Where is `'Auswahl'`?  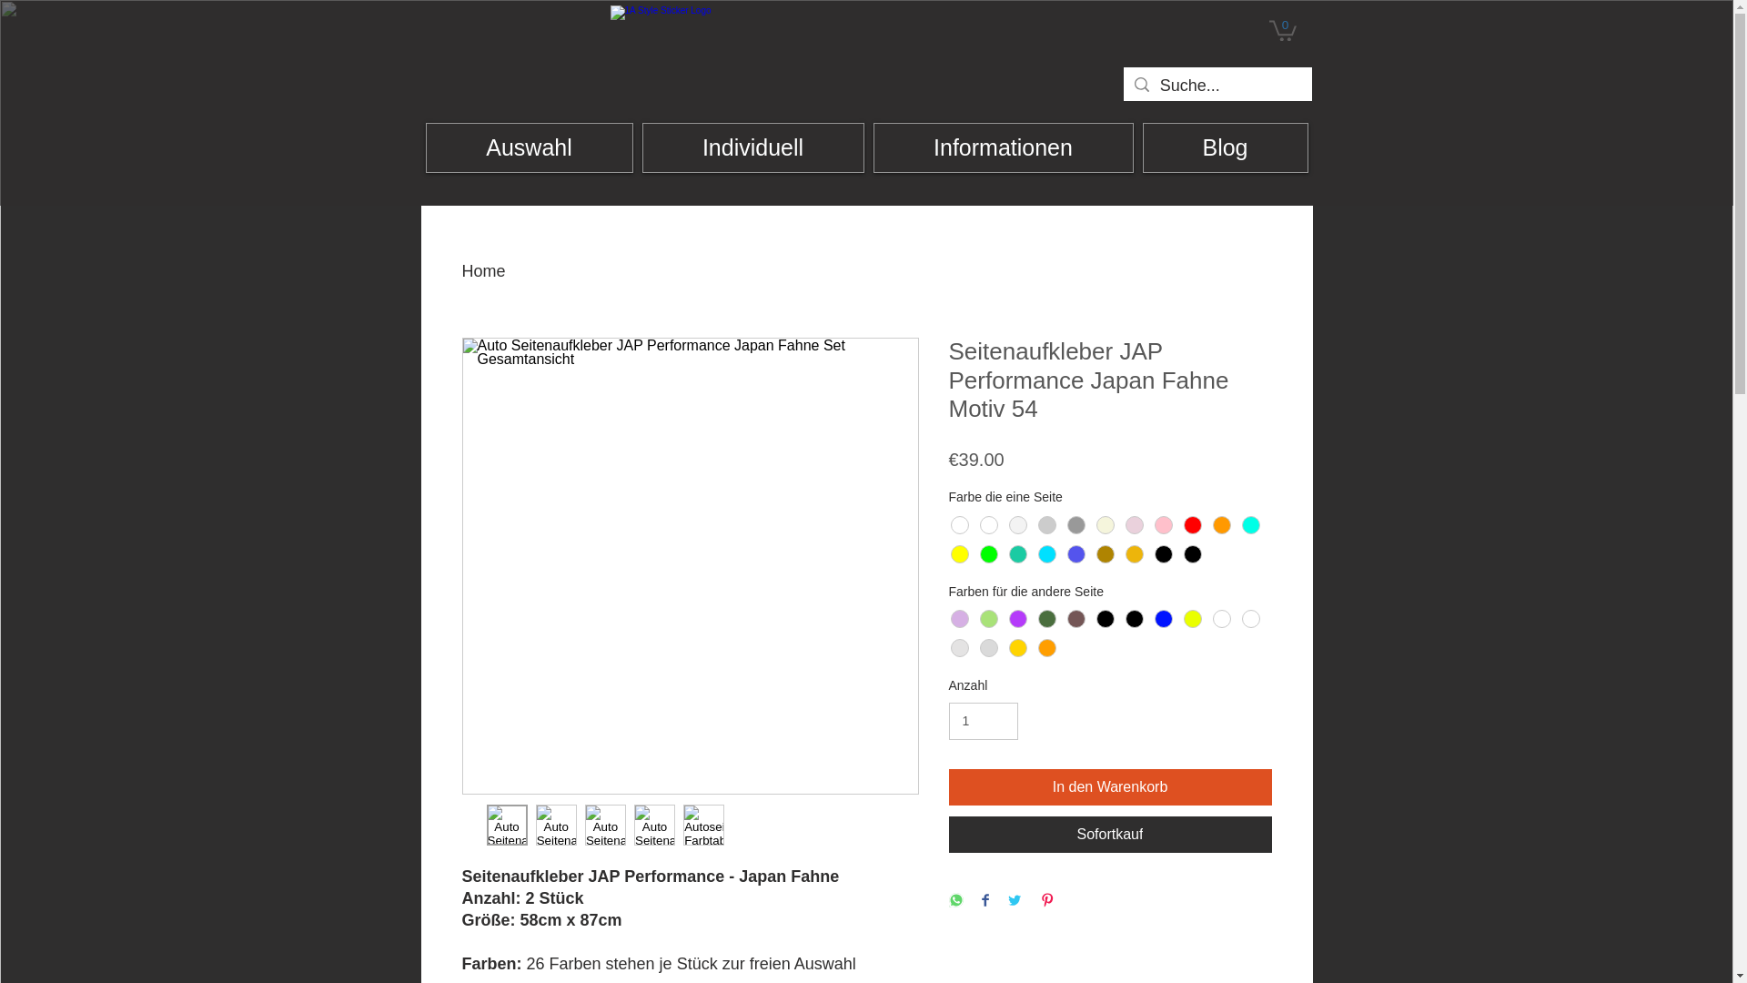 'Auswahl' is located at coordinates (528, 147).